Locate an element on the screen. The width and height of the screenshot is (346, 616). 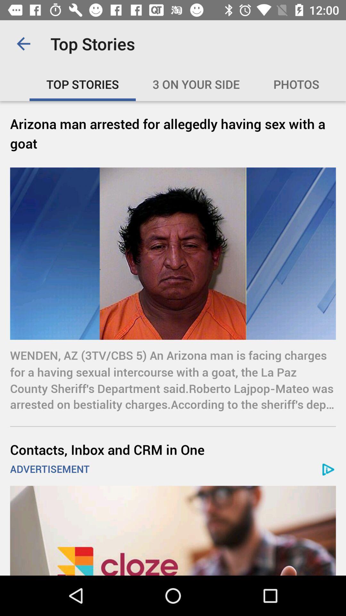
advertisement that opens company 's website is located at coordinates (173, 531).